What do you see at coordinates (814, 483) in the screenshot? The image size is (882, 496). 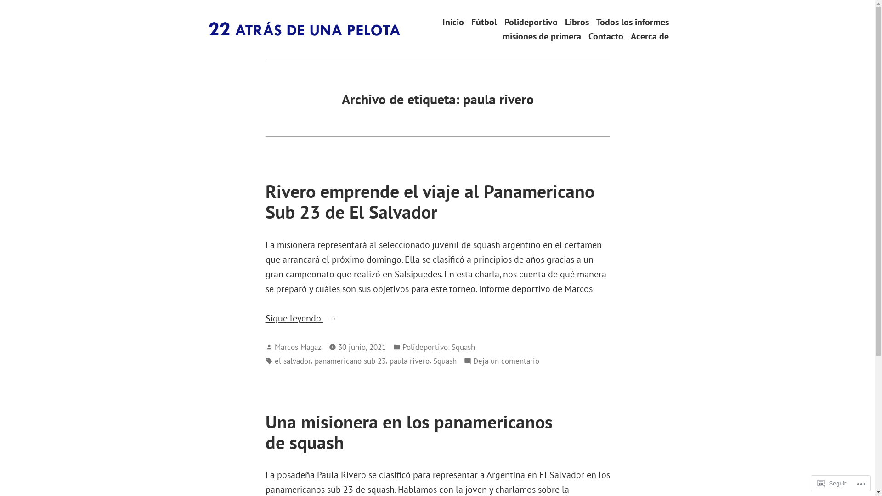 I see `'Seguir'` at bounding box center [814, 483].